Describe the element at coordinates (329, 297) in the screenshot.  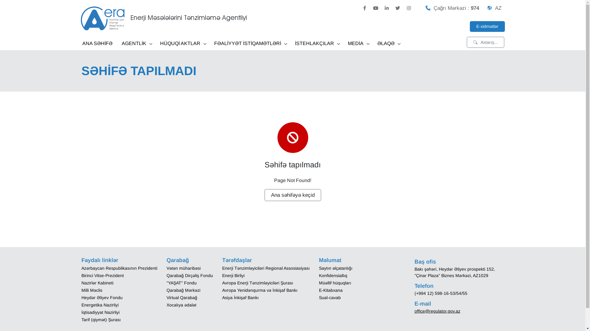
I see `'Sual-cavab'` at that location.